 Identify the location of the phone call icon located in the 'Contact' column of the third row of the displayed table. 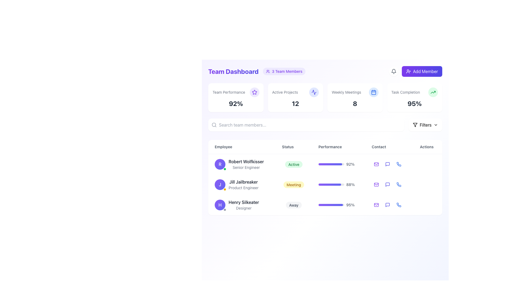
(399, 205).